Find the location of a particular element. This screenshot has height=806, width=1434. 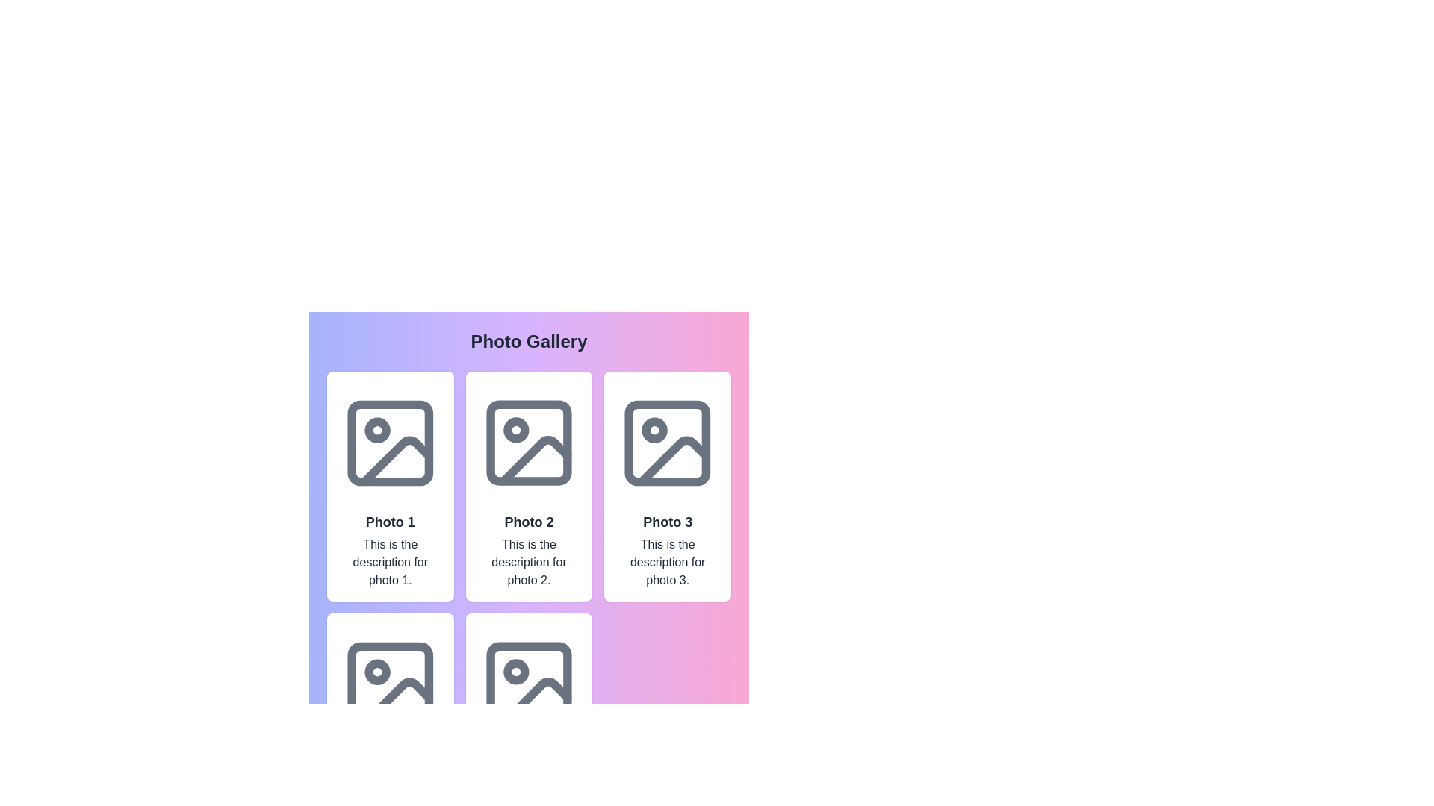

the first card in the 3-column grid layout that presents a photo preview, title, and description is located at coordinates (390, 486).